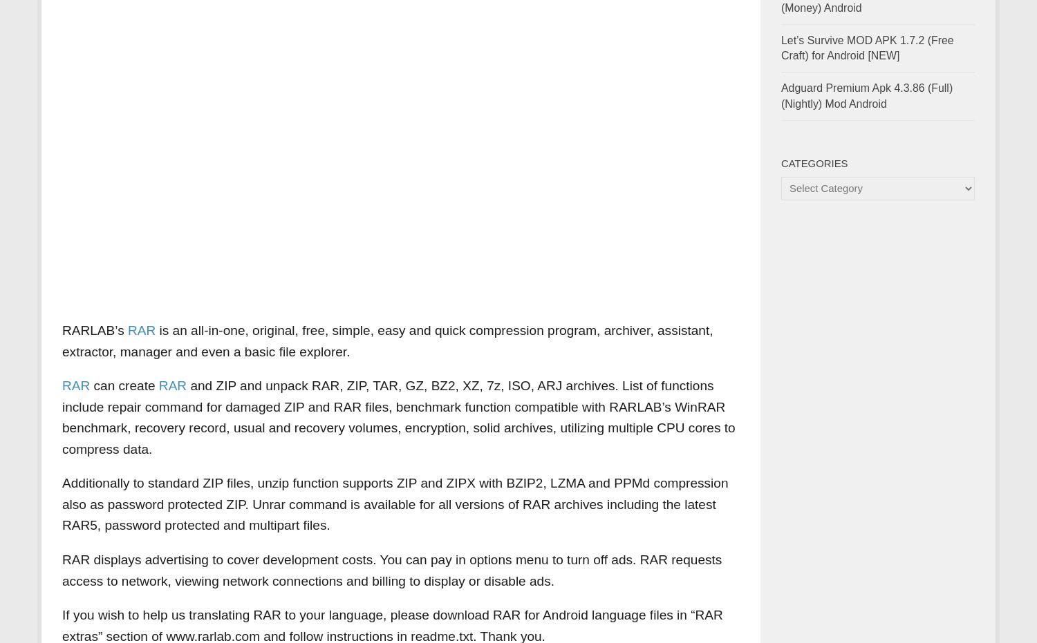 The height and width of the screenshot is (643, 1037). What do you see at coordinates (124, 385) in the screenshot?
I see `'can create'` at bounding box center [124, 385].